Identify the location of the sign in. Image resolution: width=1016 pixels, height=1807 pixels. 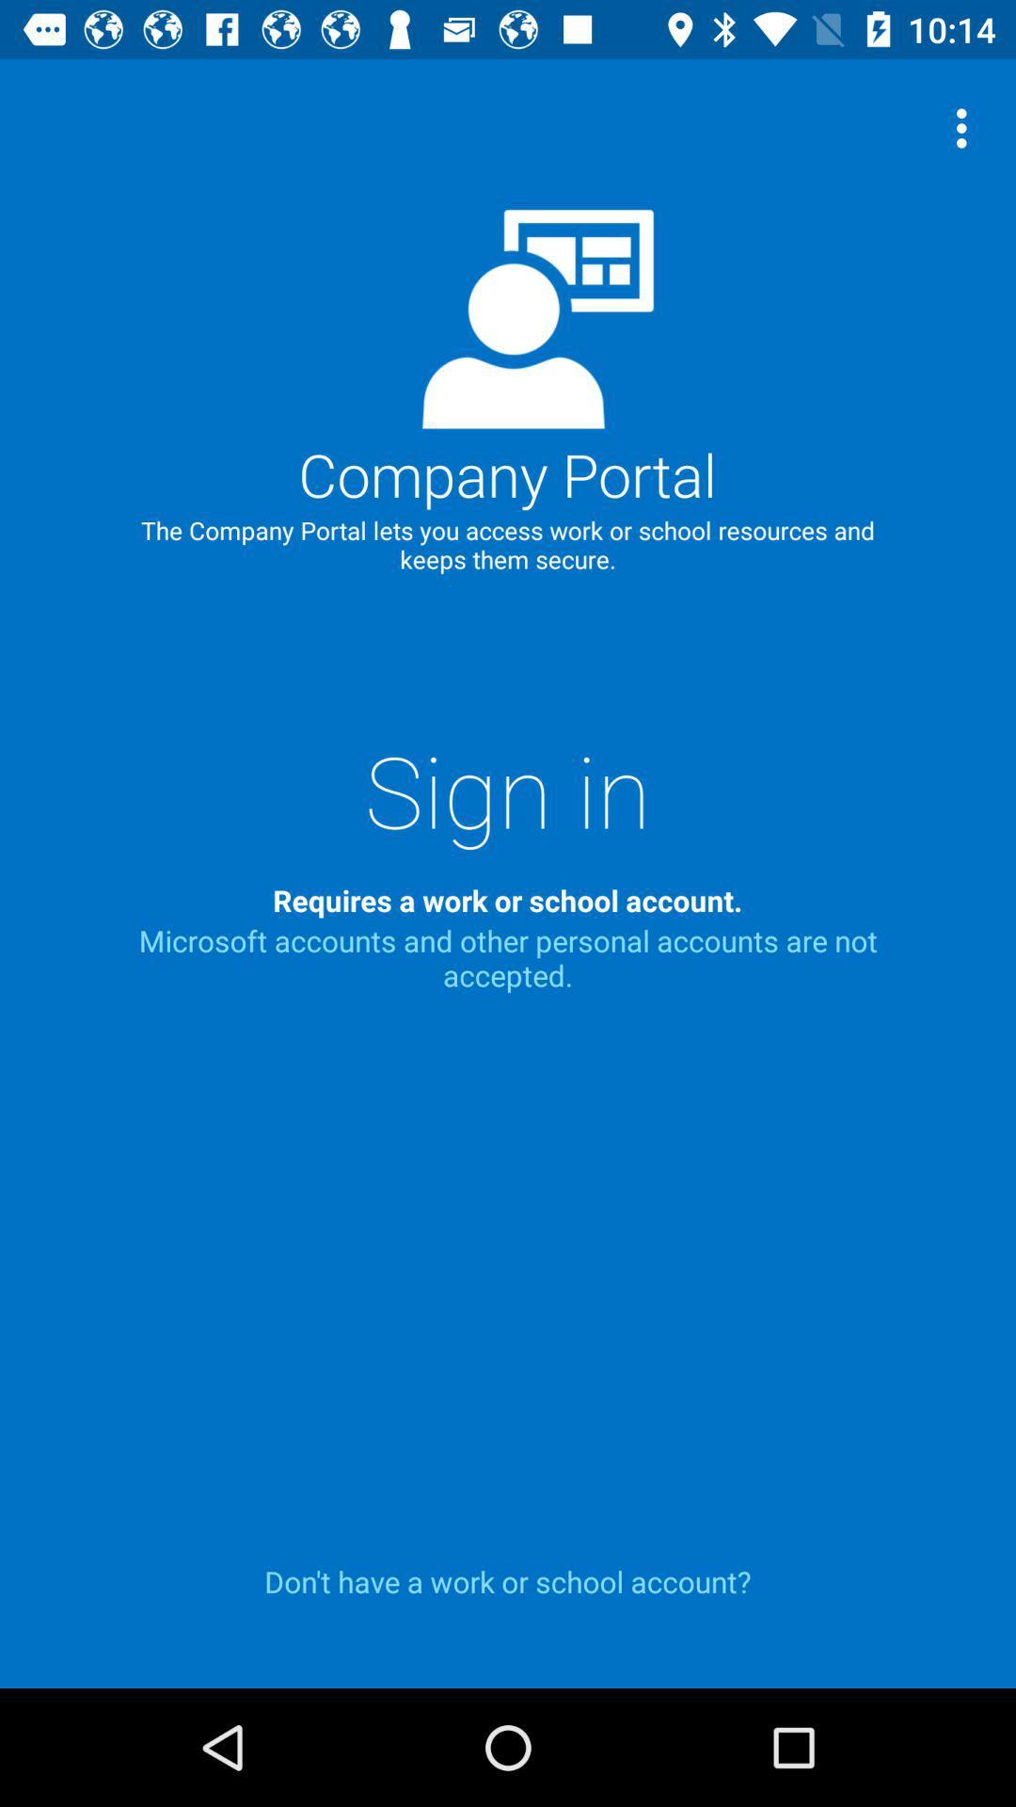
(508, 790).